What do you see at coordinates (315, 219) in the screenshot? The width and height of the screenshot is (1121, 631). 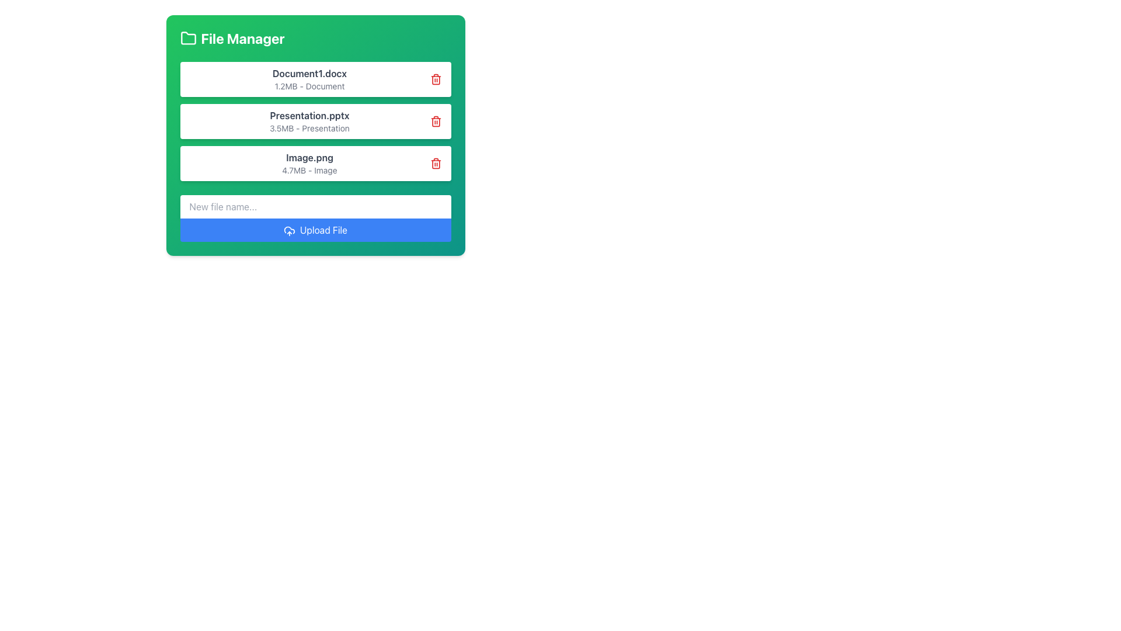 I see `the blue button with rounded edges labeled 'Upload File' located at the bottom of the File Manager card to upload a file` at bounding box center [315, 219].